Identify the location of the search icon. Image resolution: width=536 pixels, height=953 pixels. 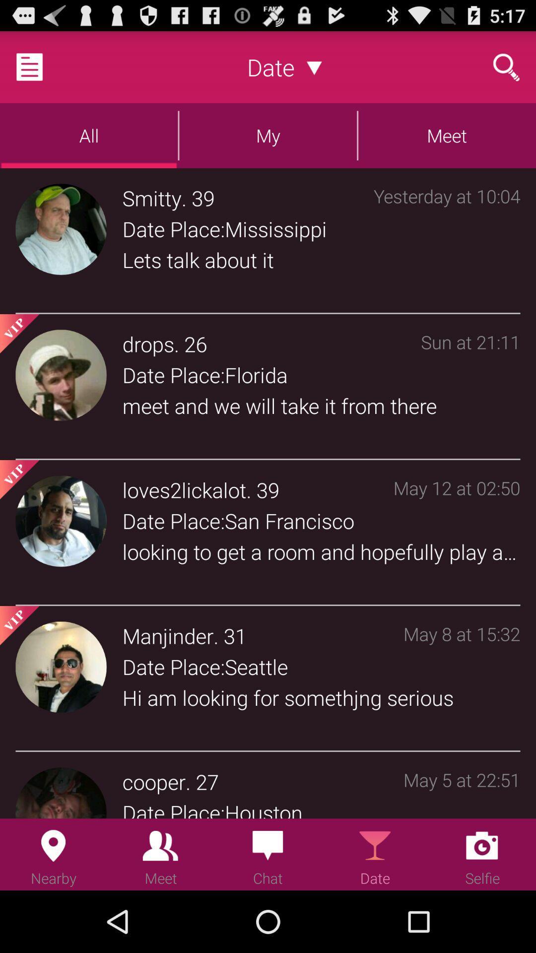
(506, 71).